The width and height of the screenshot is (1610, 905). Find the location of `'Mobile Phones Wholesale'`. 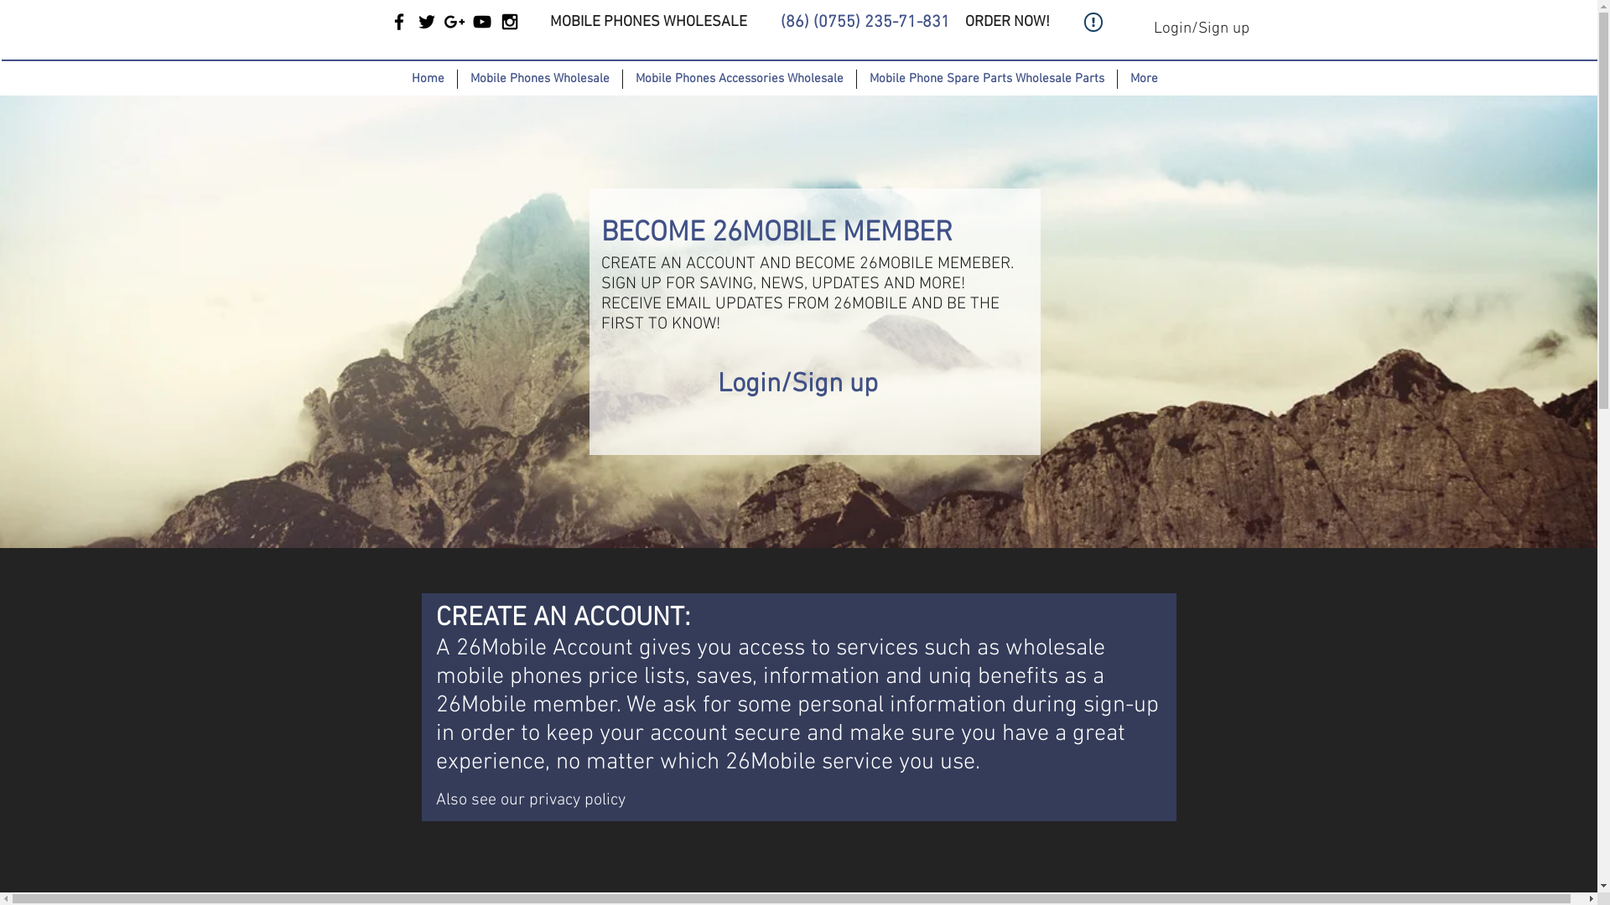

'Mobile Phones Wholesale' is located at coordinates (538, 79).